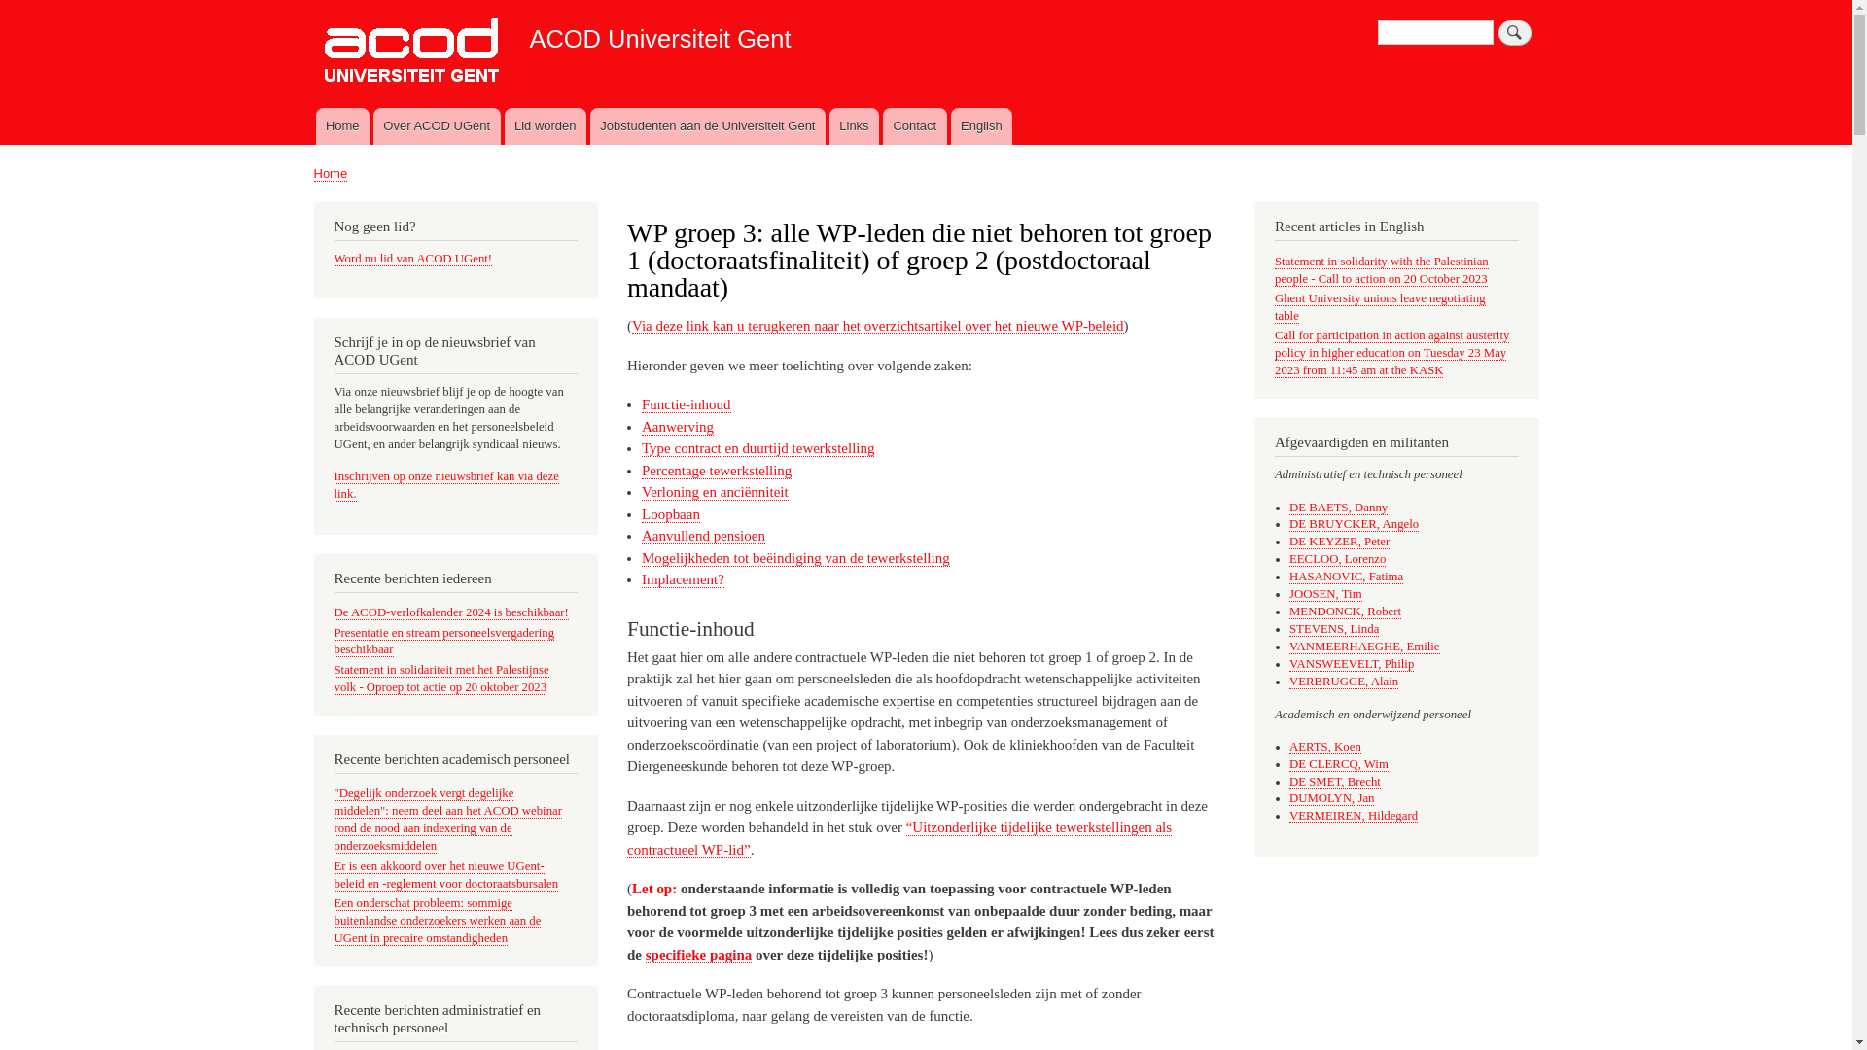 This screenshot has width=1867, height=1050. What do you see at coordinates (504, 126) in the screenshot?
I see `'Lid worden'` at bounding box center [504, 126].